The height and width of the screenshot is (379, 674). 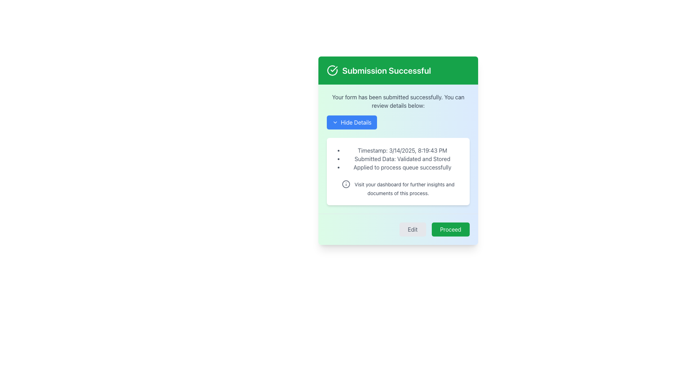 What do you see at coordinates (402, 159) in the screenshot?
I see `the text label element that reads 'Submitted Data: Validated and Stored', which is the second item in a vertically aligned bulleted list within the 'Submission Successful' dialog box` at bounding box center [402, 159].